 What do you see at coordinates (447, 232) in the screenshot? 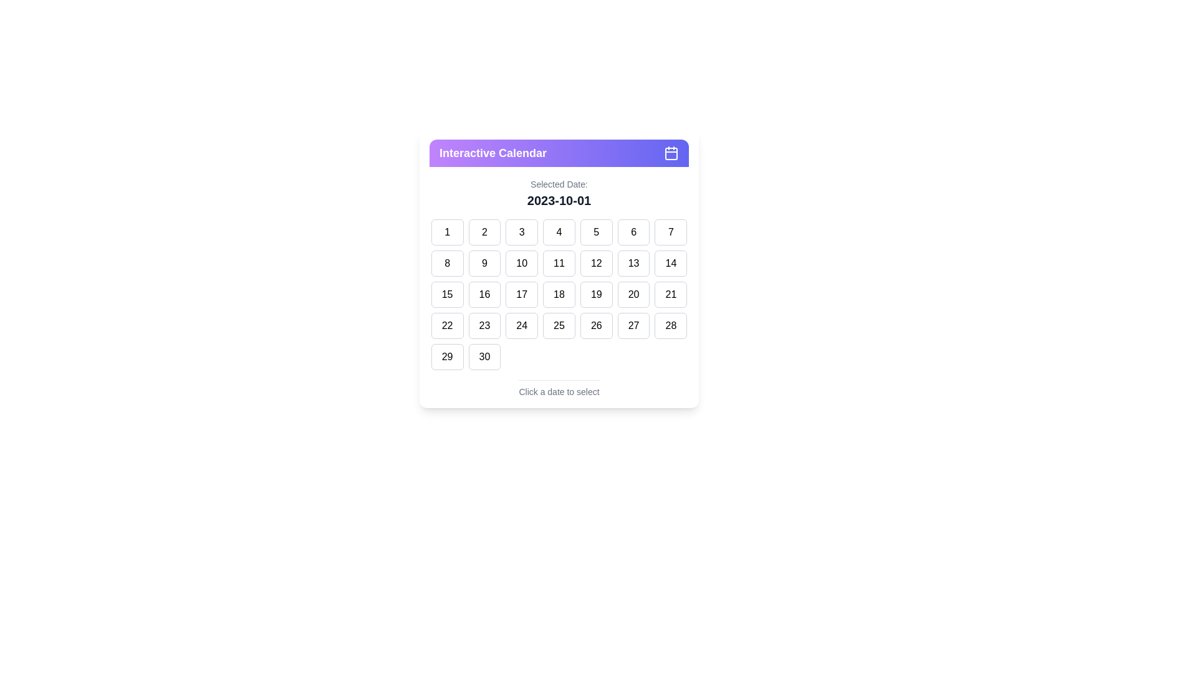
I see `the button that represents the first day of the month in the top-left corner of the calendar grid` at bounding box center [447, 232].